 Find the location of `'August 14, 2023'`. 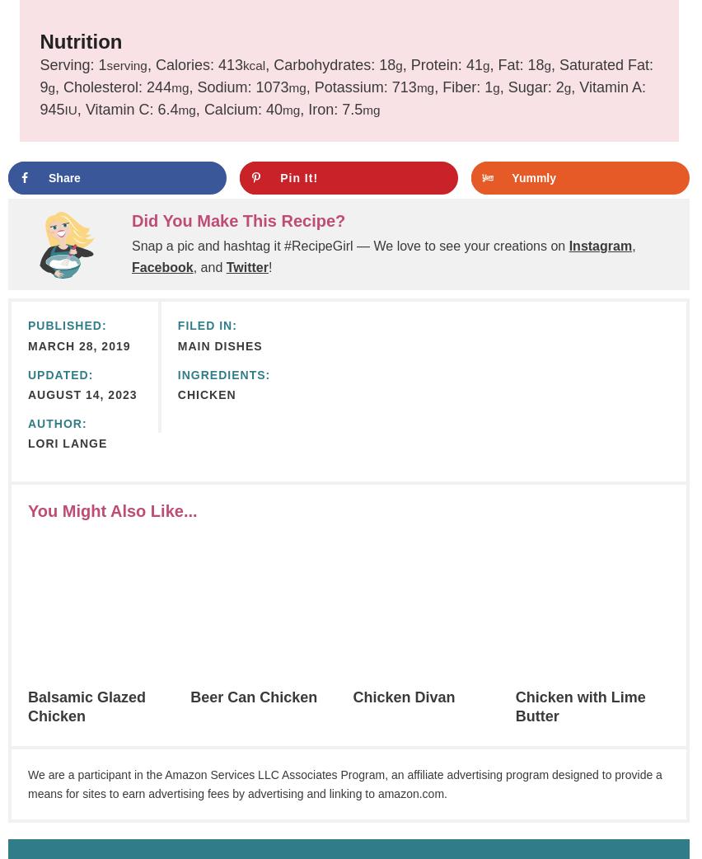

'August 14, 2023' is located at coordinates (82, 395).